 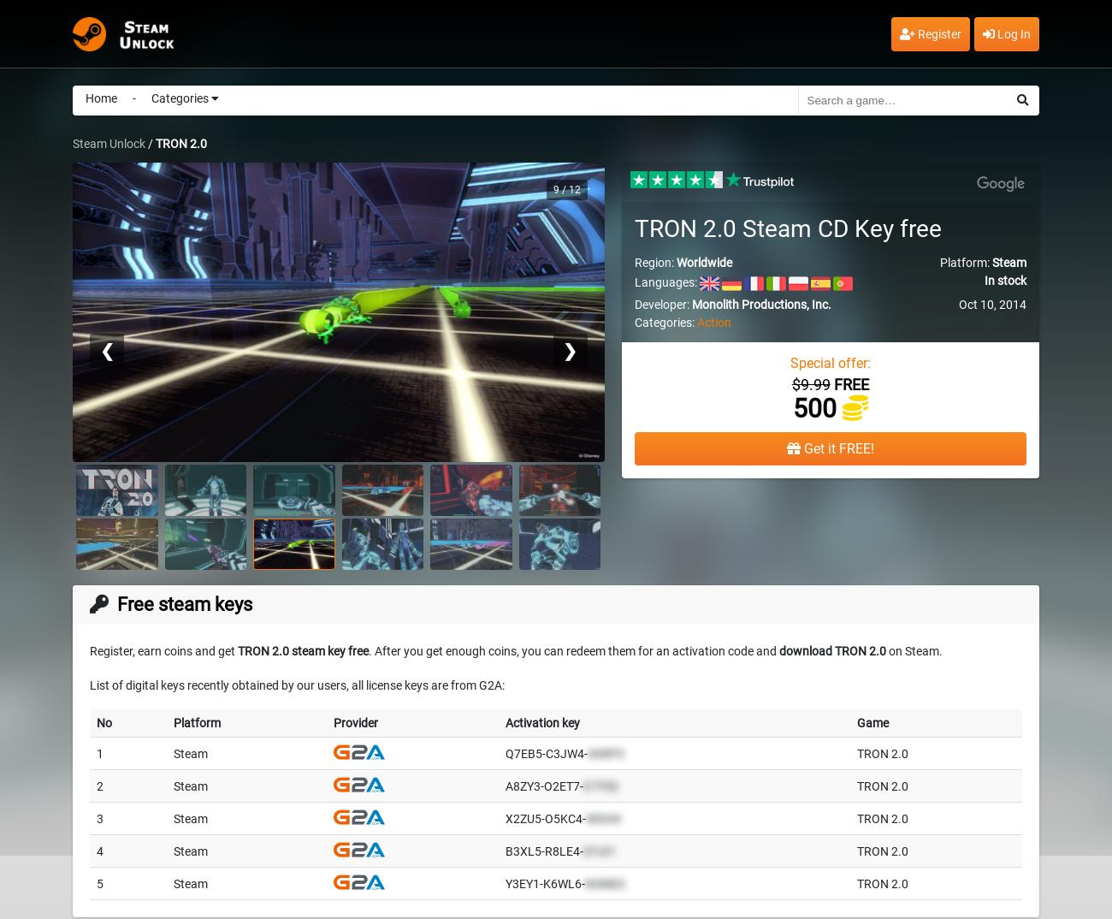 I want to click on 'Home', so click(x=100, y=98).